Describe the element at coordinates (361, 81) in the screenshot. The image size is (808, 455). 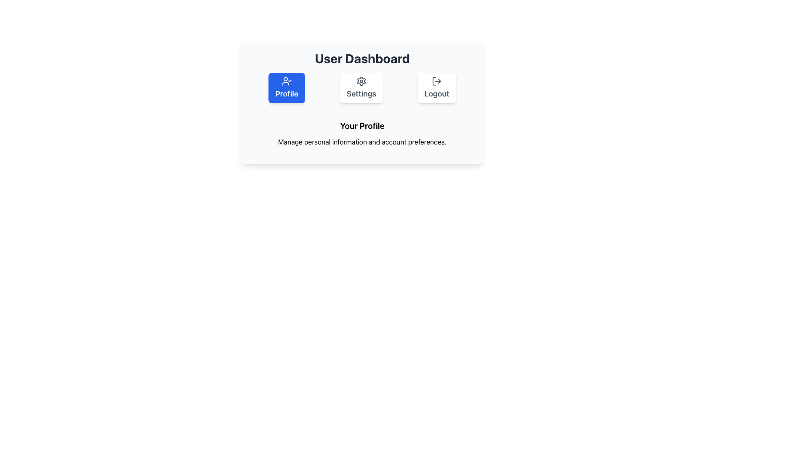
I see `the gear icon representing the settings feature, which is located centrally in the settings section, positioned between the profile and logout options` at that location.